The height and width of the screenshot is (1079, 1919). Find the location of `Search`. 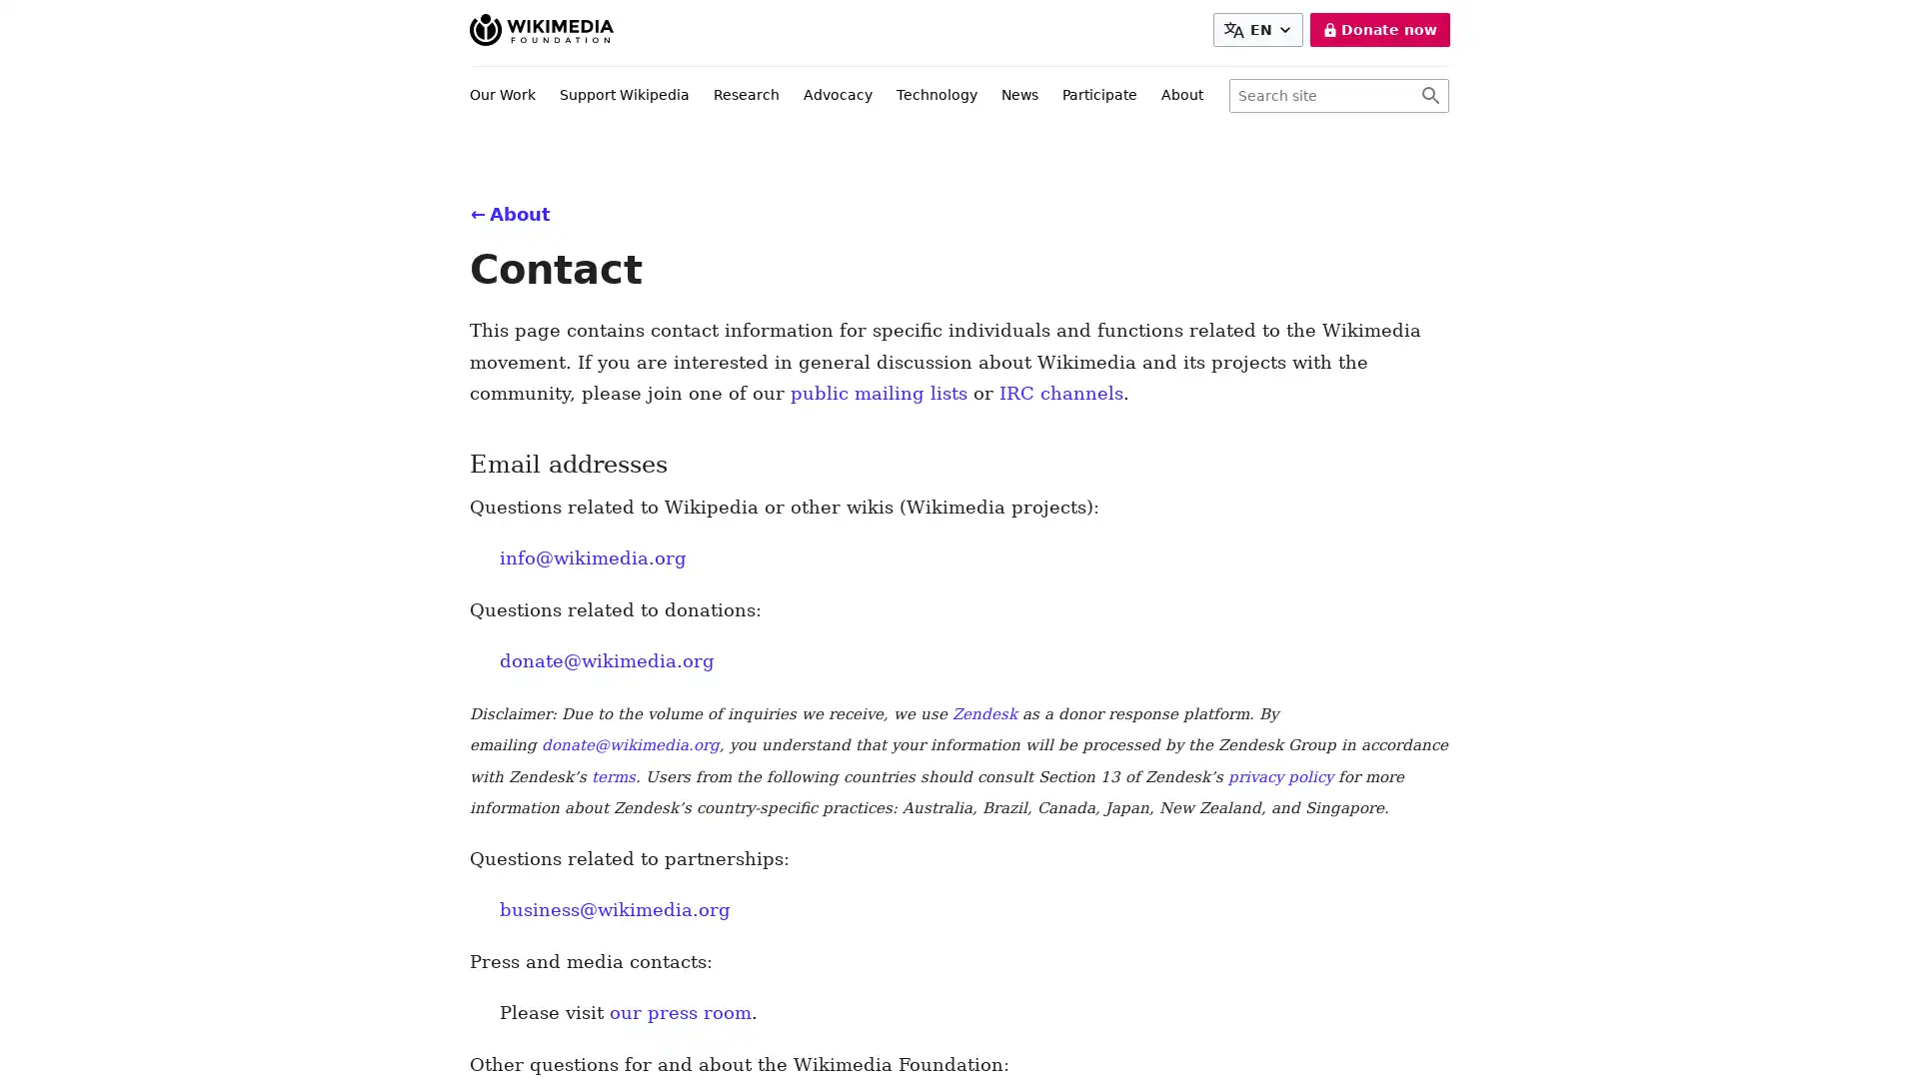

Search is located at coordinates (1429, 96).